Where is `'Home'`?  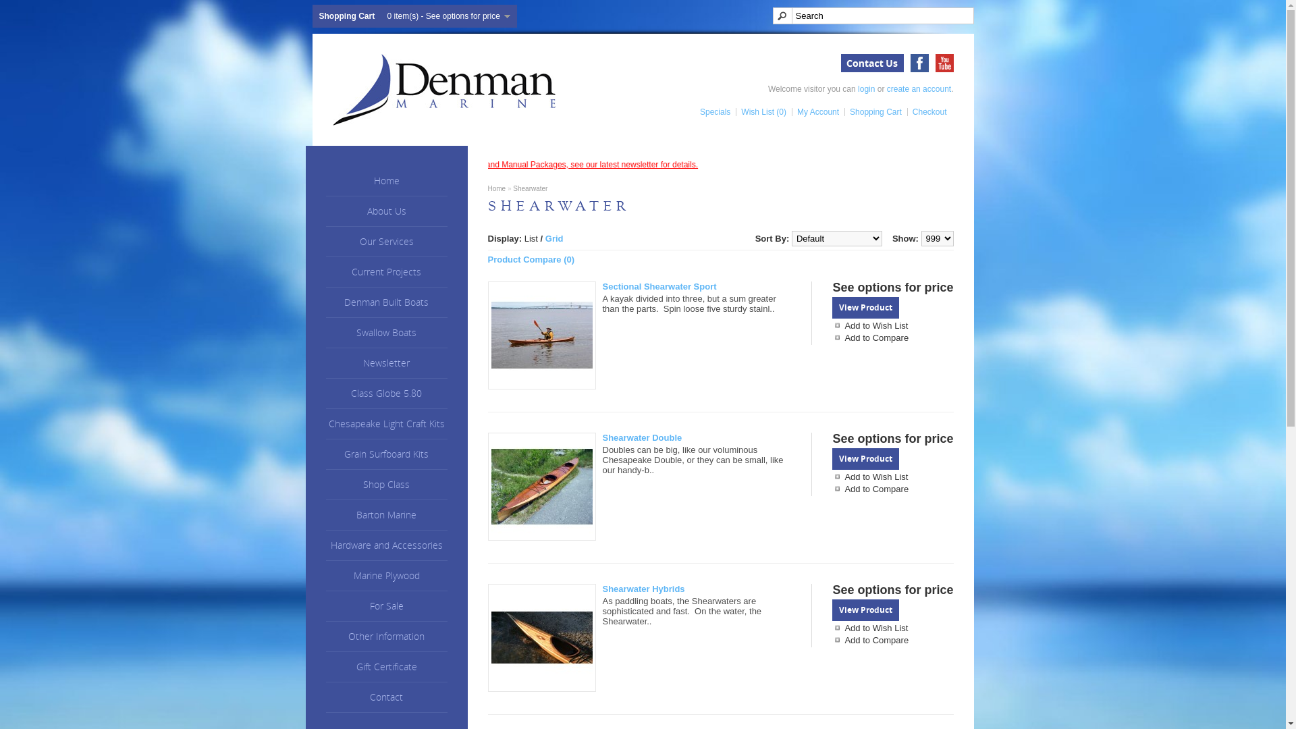
'Home' is located at coordinates (495, 188).